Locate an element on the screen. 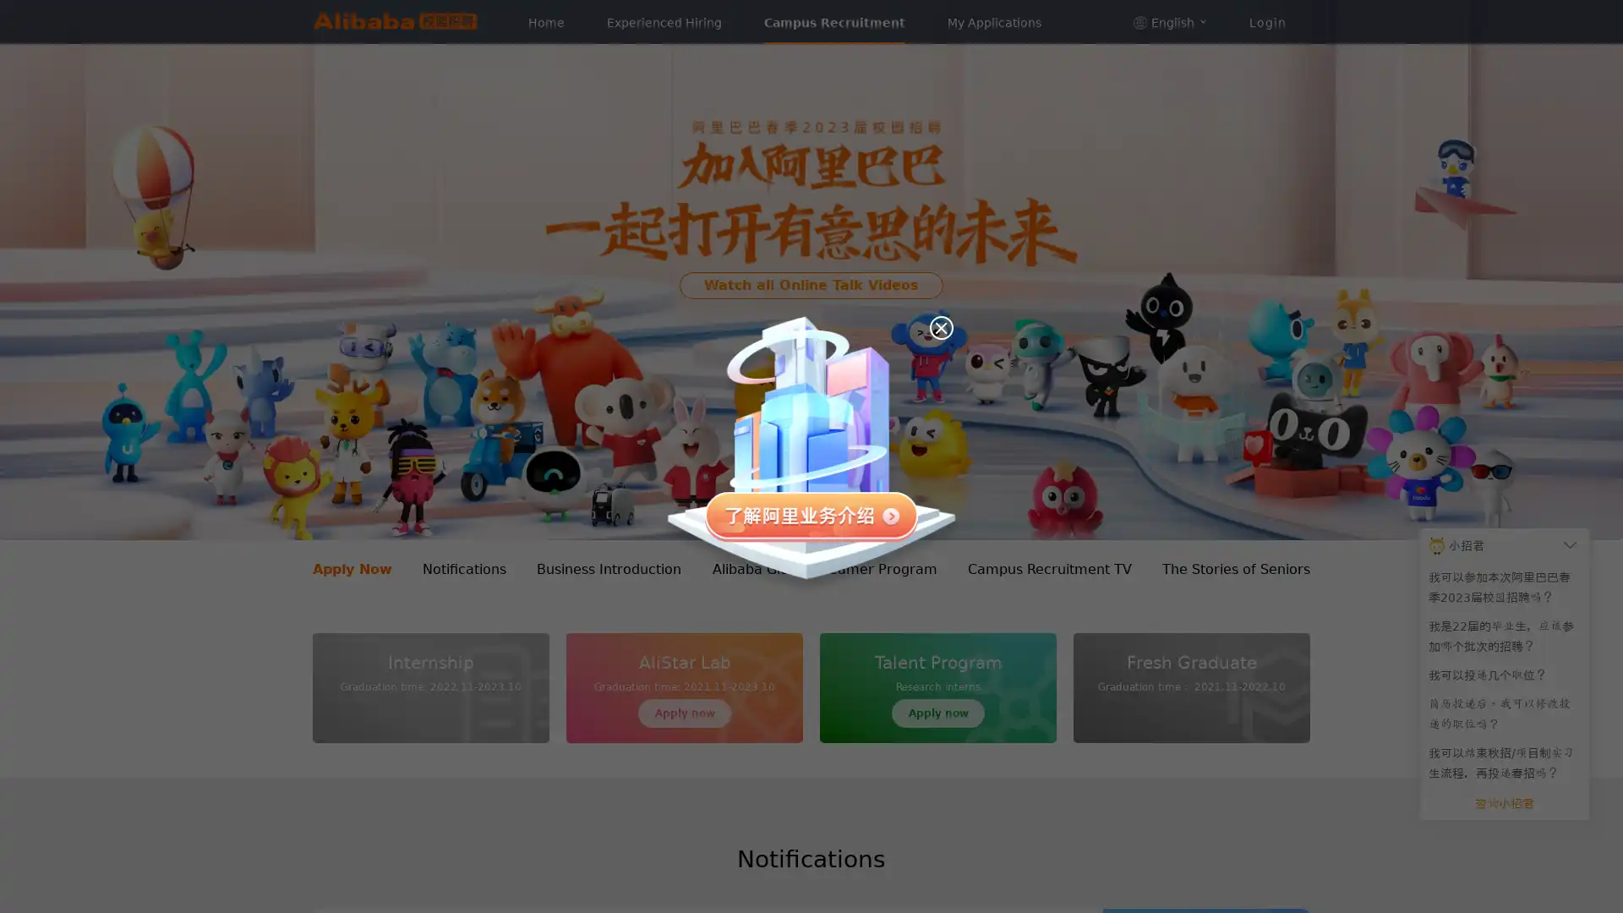 The image size is (1623, 913). Apply now is located at coordinates (937, 713).